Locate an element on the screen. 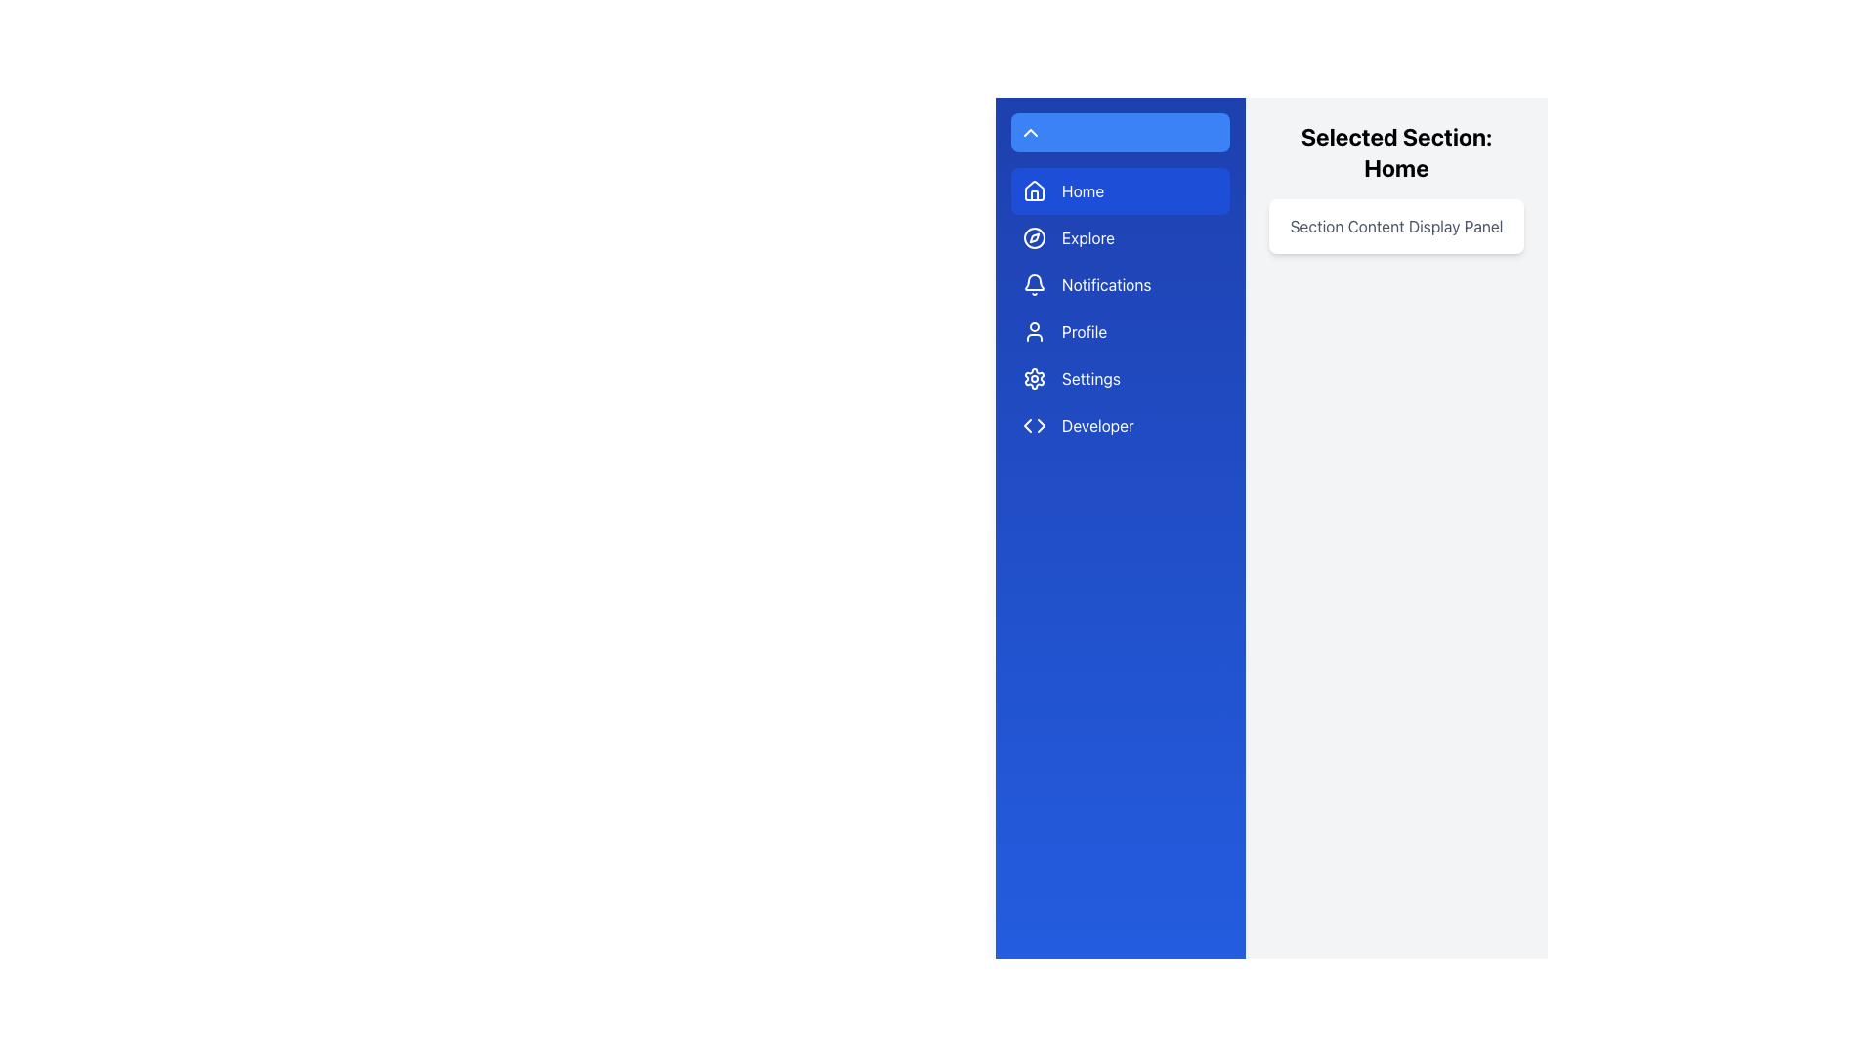  the blue 'Explore' button with rounded corners, located in the vertical sidebar below the 'Home' button and above the 'Notifications' button to trigger hover effects is located at coordinates (1121, 236).